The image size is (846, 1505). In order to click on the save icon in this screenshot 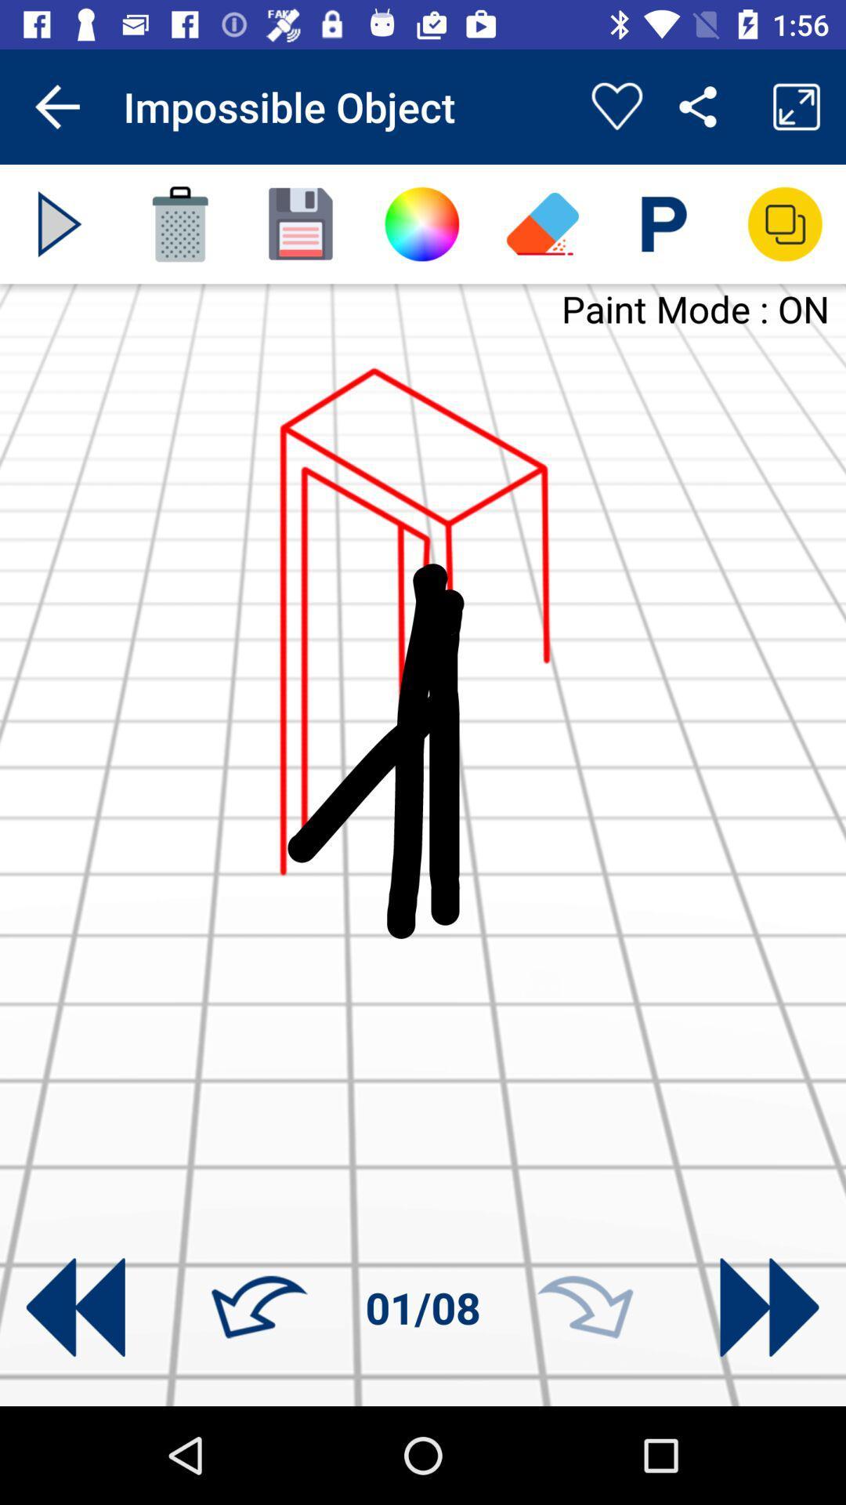, I will do `click(301, 223)`.